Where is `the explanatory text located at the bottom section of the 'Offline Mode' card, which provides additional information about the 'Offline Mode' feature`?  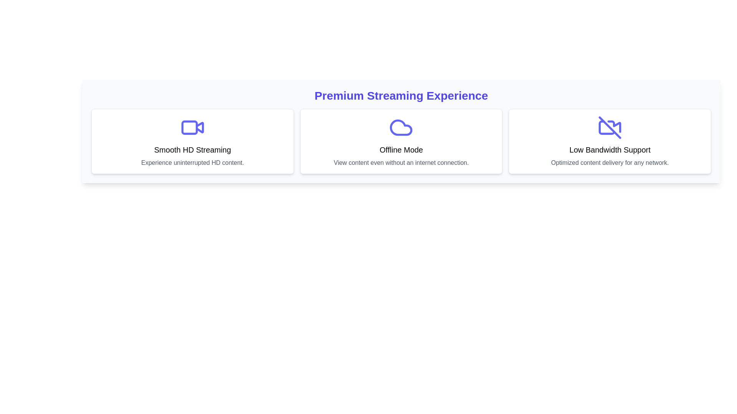
the explanatory text located at the bottom section of the 'Offline Mode' card, which provides additional information about the 'Offline Mode' feature is located at coordinates (401, 162).